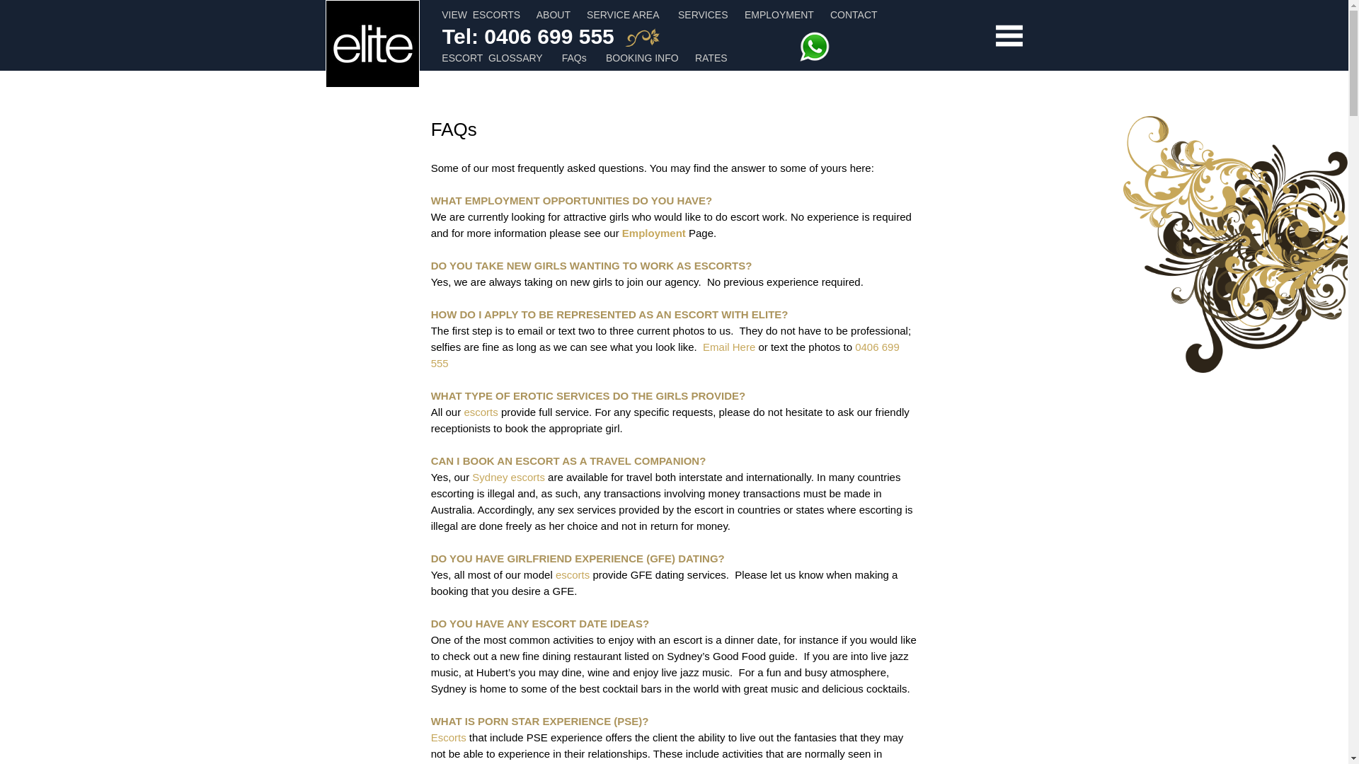  What do you see at coordinates (653, 232) in the screenshot?
I see `'Employment'` at bounding box center [653, 232].